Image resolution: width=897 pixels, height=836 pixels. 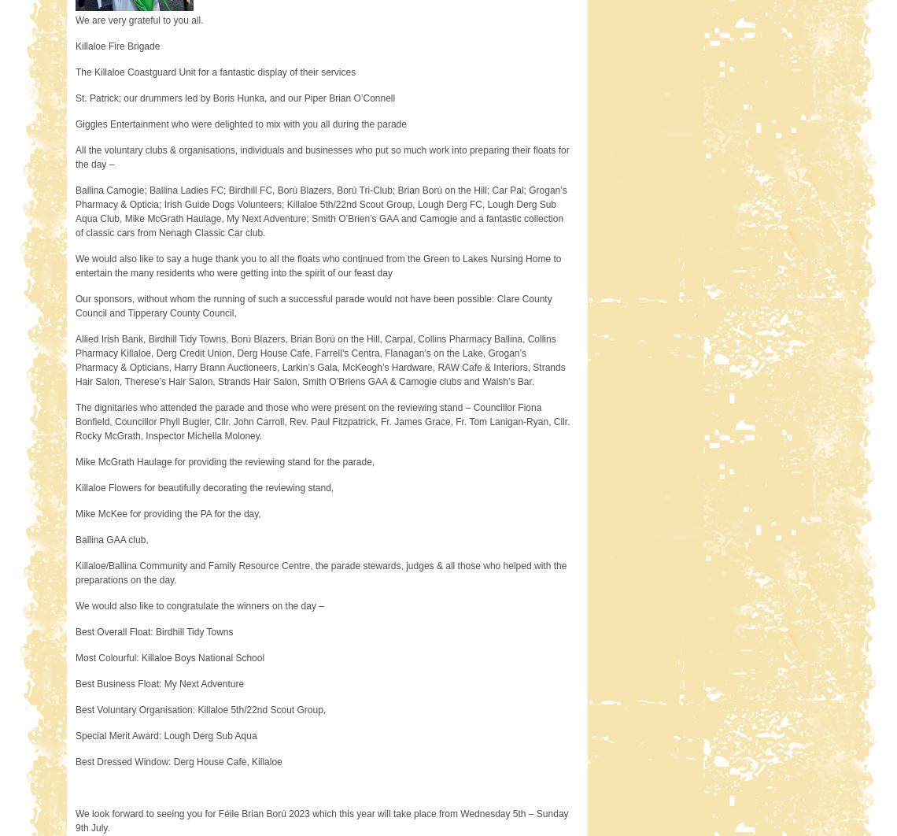 What do you see at coordinates (215, 72) in the screenshot?
I see `'The Killaloe Coastguard Unit for a fantastic display of their services'` at bounding box center [215, 72].